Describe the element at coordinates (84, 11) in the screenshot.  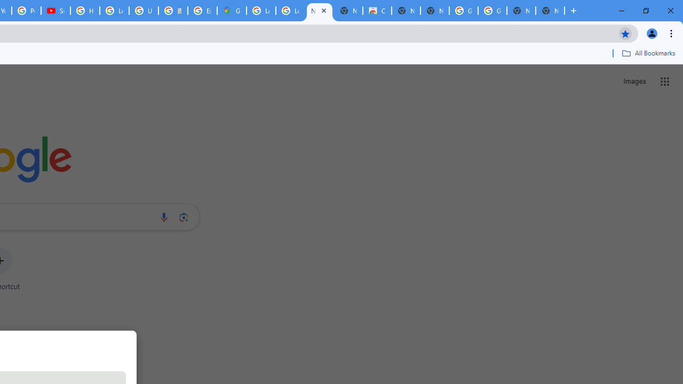
I see `'How Chrome protects your passwords - Google Chrome Help'` at that location.